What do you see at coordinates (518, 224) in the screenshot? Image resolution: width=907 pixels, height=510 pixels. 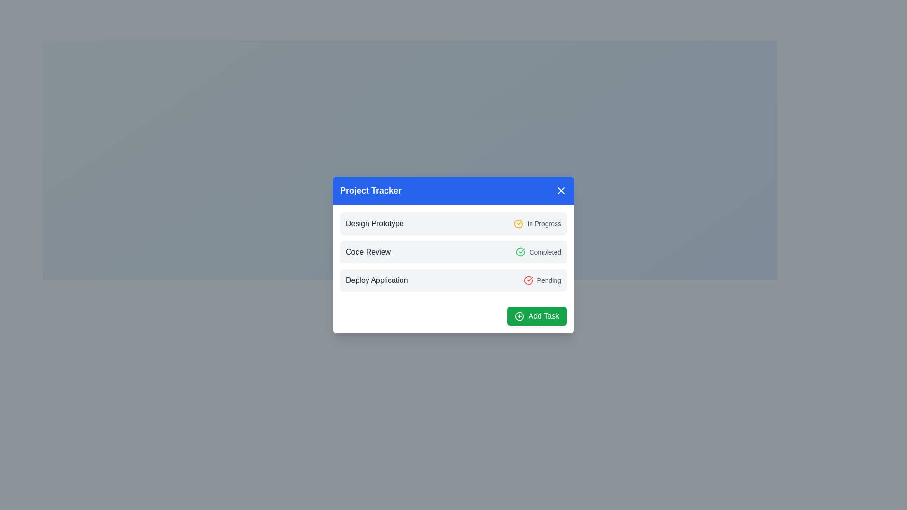 I see `the status icon indicating 'In Progress', which is located to the left of the descriptive text in the first row of the task tracker` at bounding box center [518, 224].